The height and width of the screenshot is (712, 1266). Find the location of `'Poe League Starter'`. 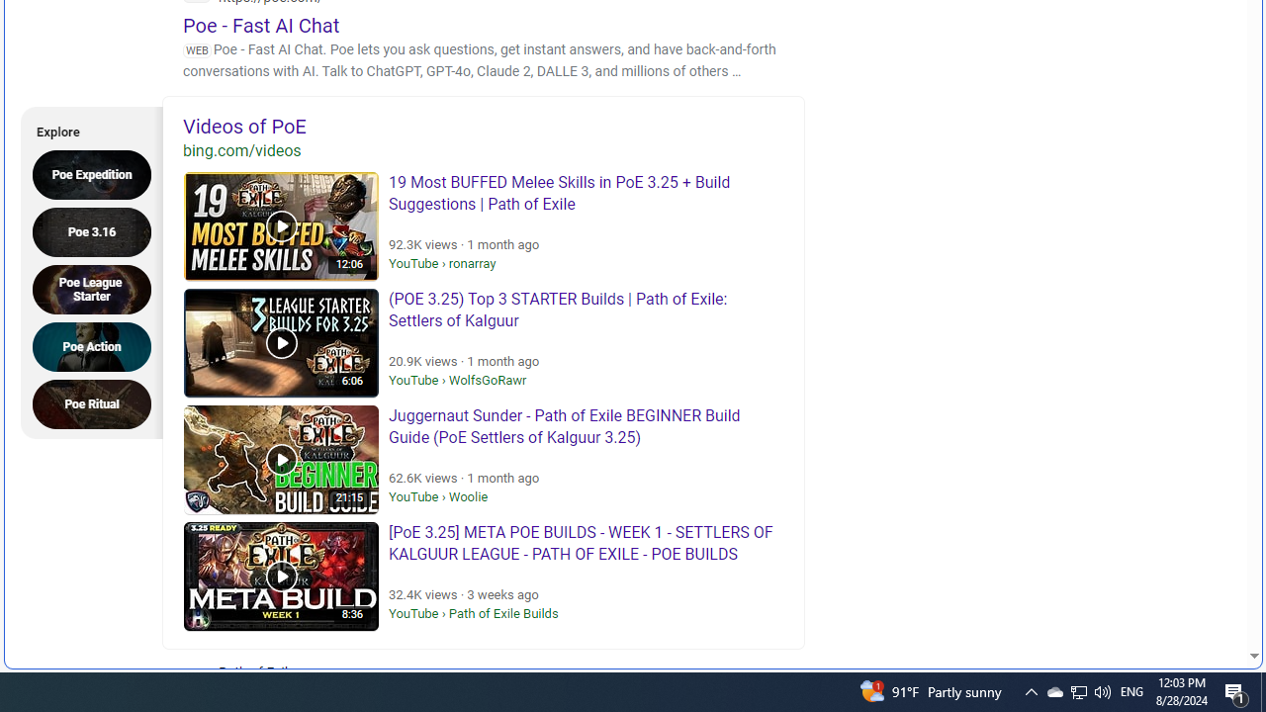

'Poe League Starter' is located at coordinates (97, 289).